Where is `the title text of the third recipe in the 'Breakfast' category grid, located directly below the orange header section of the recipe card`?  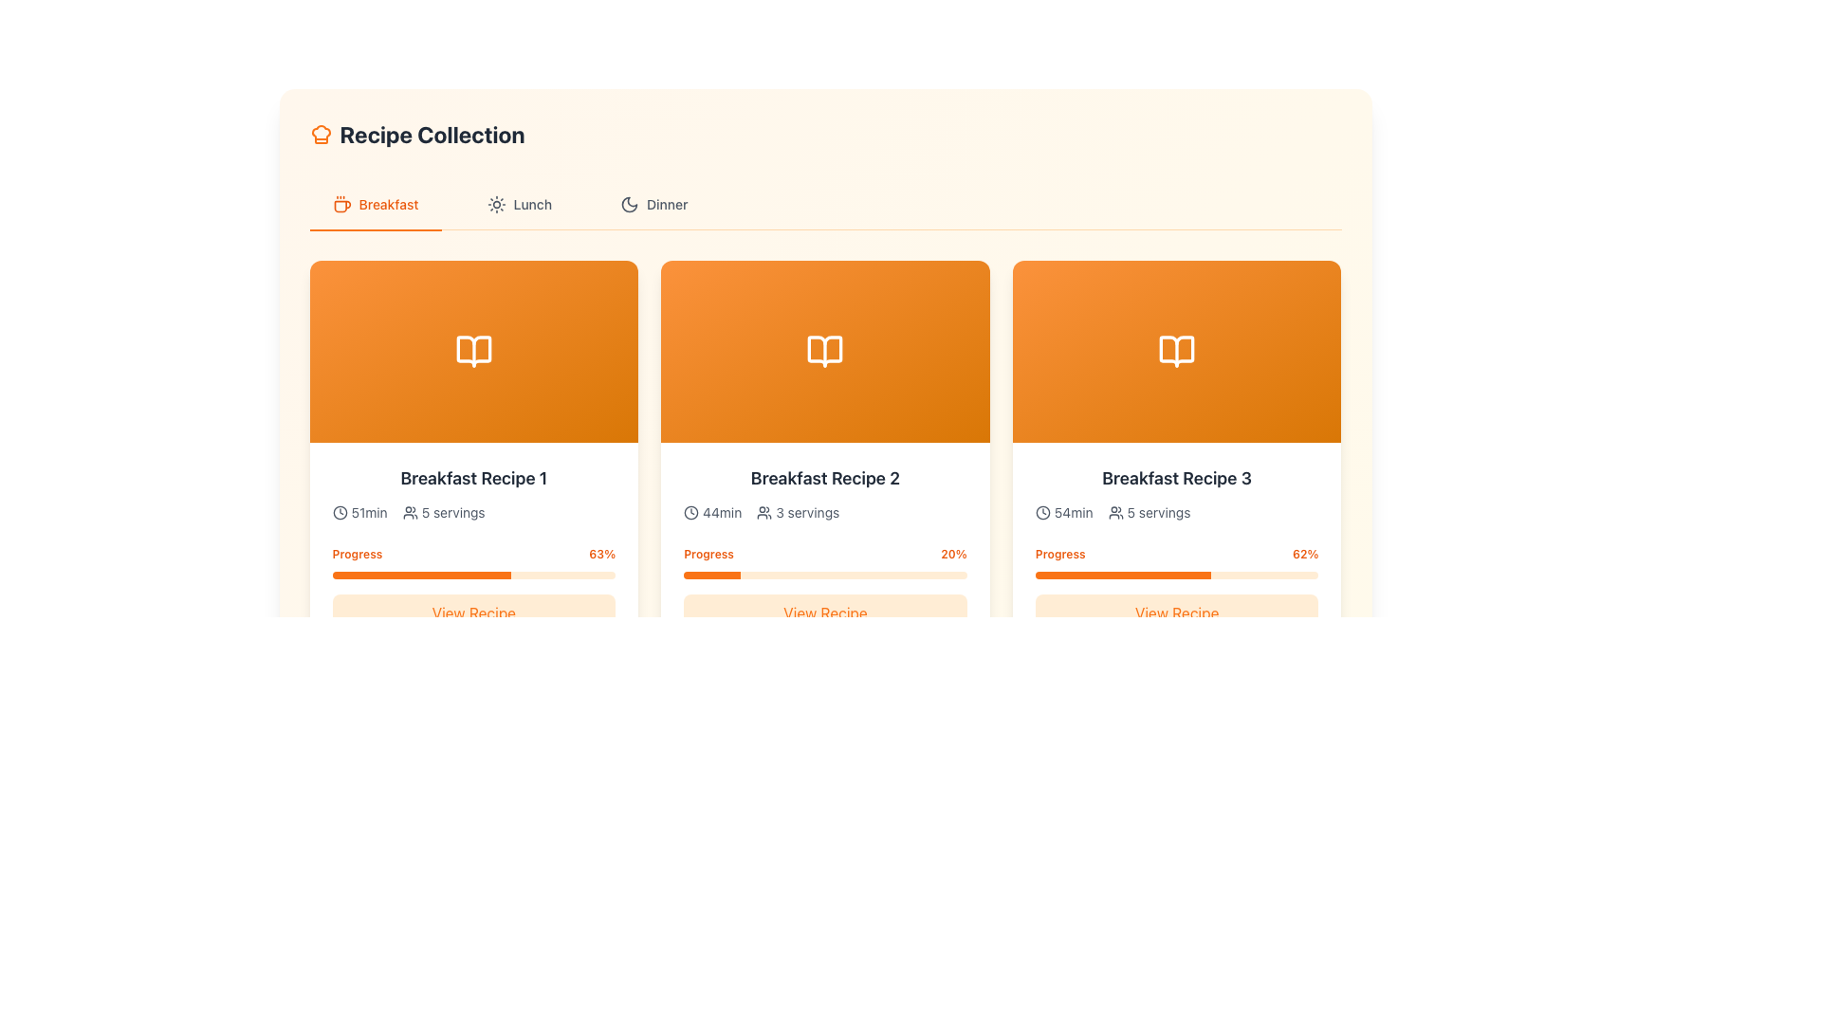 the title text of the third recipe in the 'Breakfast' category grid, located directly below the orange header section of the recipe card is located at coordinates (1176, 478).